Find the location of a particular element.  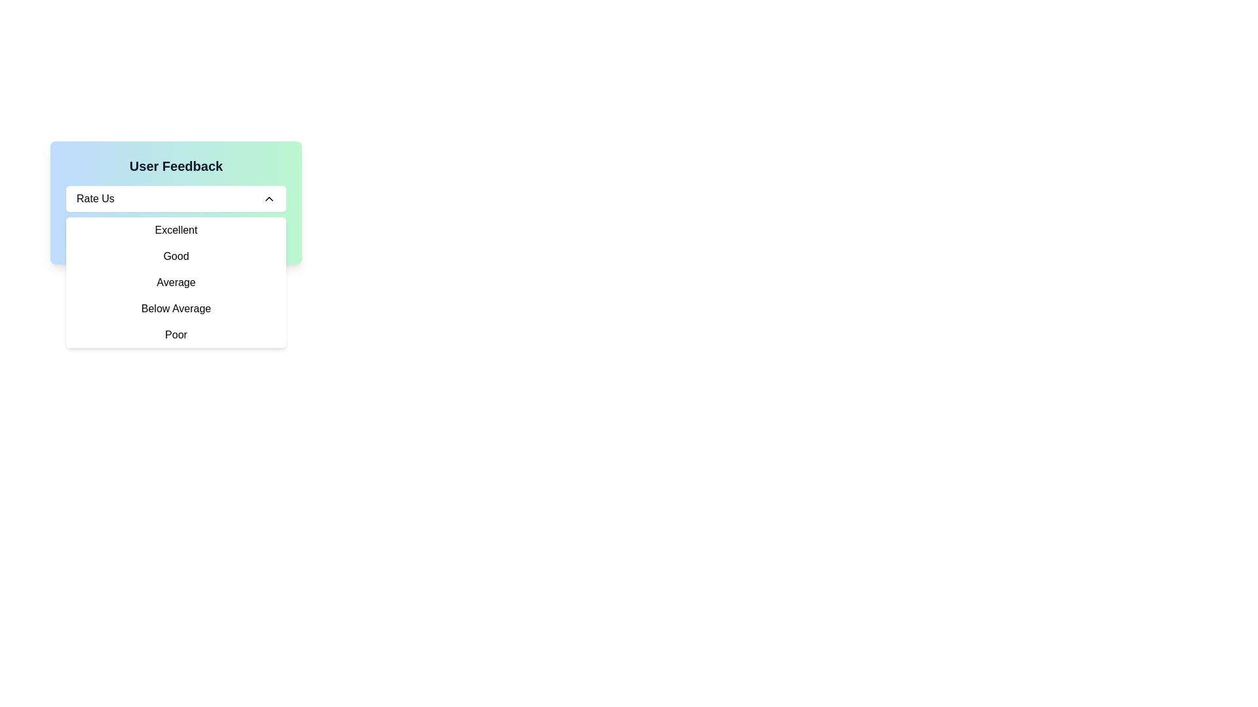

the dropdown menu item labeled 'Poor', which is the last item in a list of five labels within the dropdown menu is located at coordinates (175, 335).